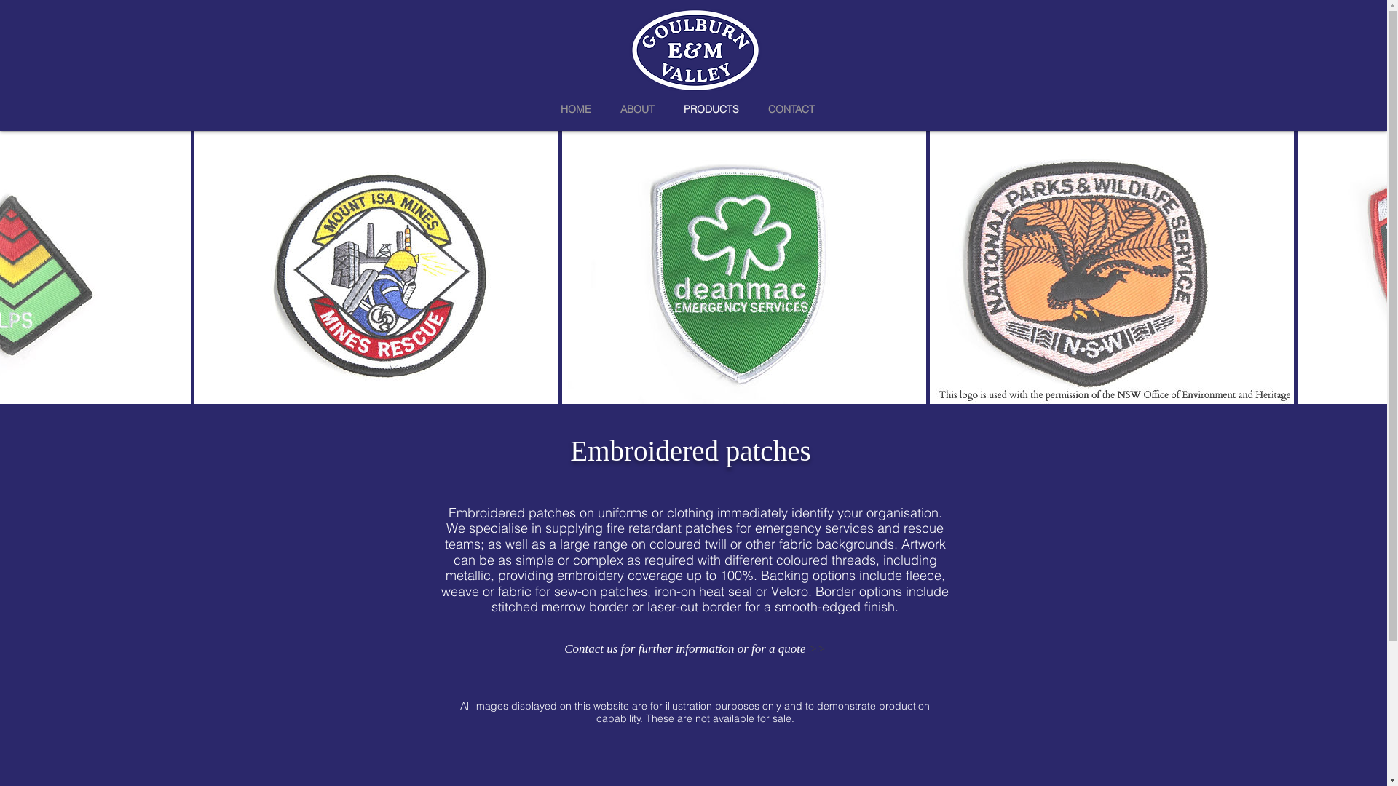 This screenshot has height=786, width=1398. Describe the element at coordinates (754, 107) in the screenshot. I see `'CONTACT'` at that location.